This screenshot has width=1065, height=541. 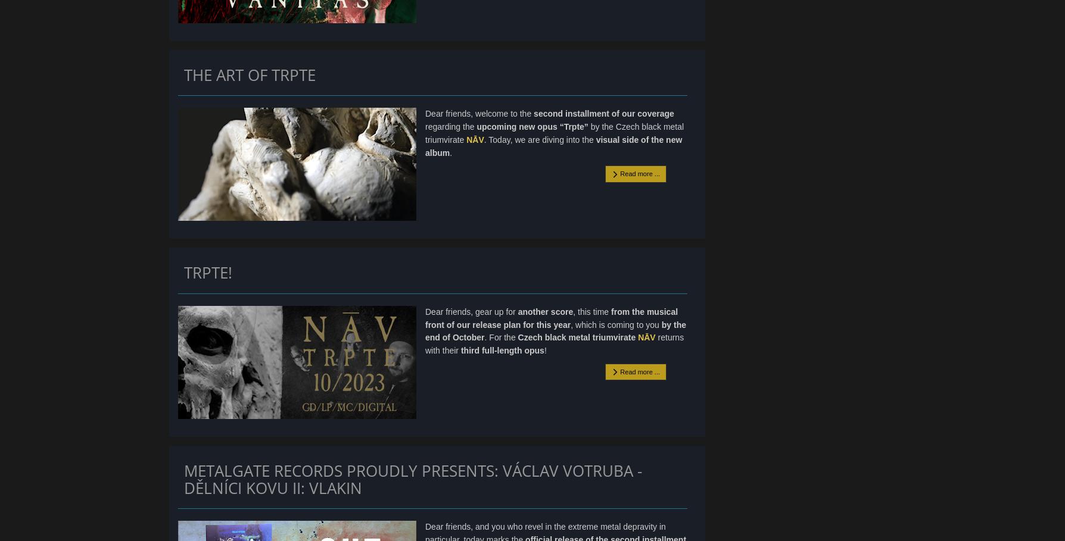 What do you see at coordinates (545, 311) in the screenshot?
I see `'another score'` at bounding box center [545, 311].